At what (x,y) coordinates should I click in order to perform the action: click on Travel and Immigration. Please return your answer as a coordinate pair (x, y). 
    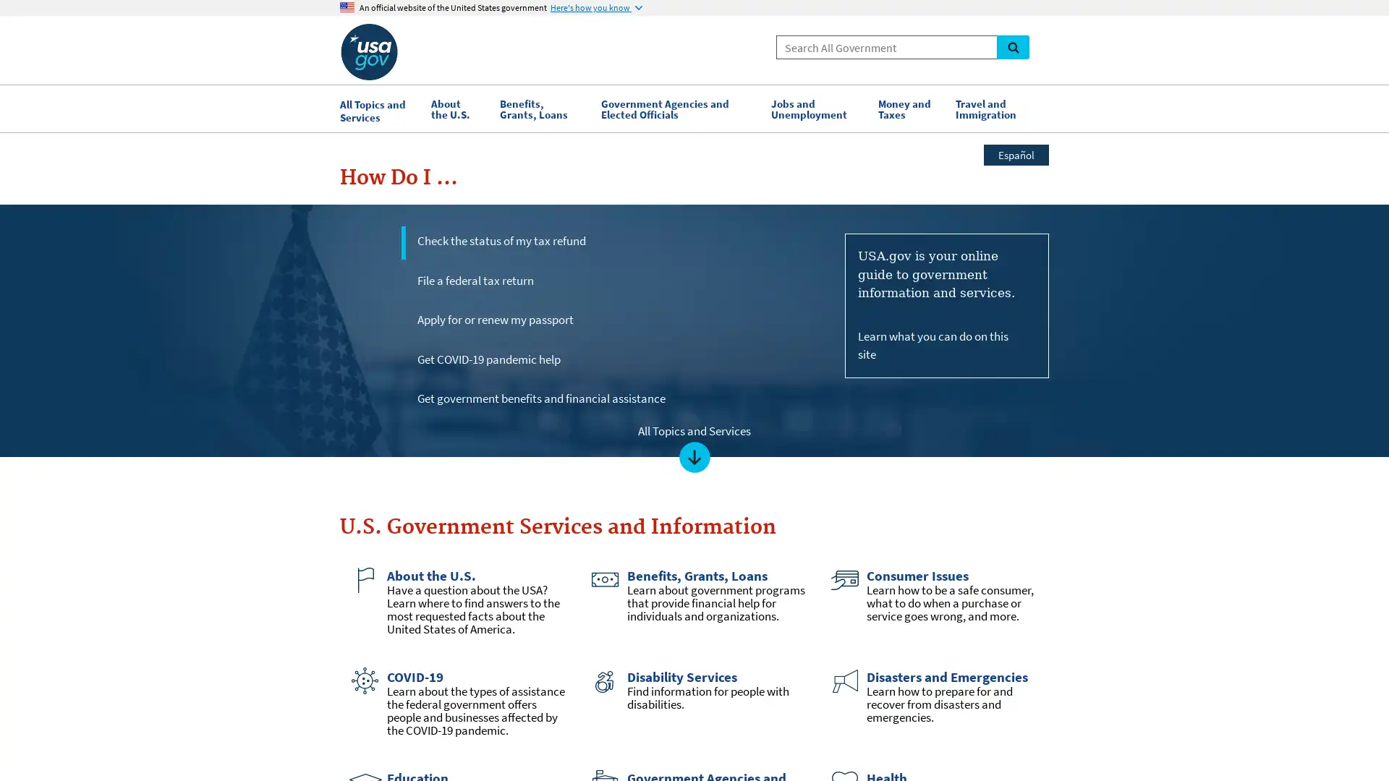
    Looking at the image, I should click on (998, 108).